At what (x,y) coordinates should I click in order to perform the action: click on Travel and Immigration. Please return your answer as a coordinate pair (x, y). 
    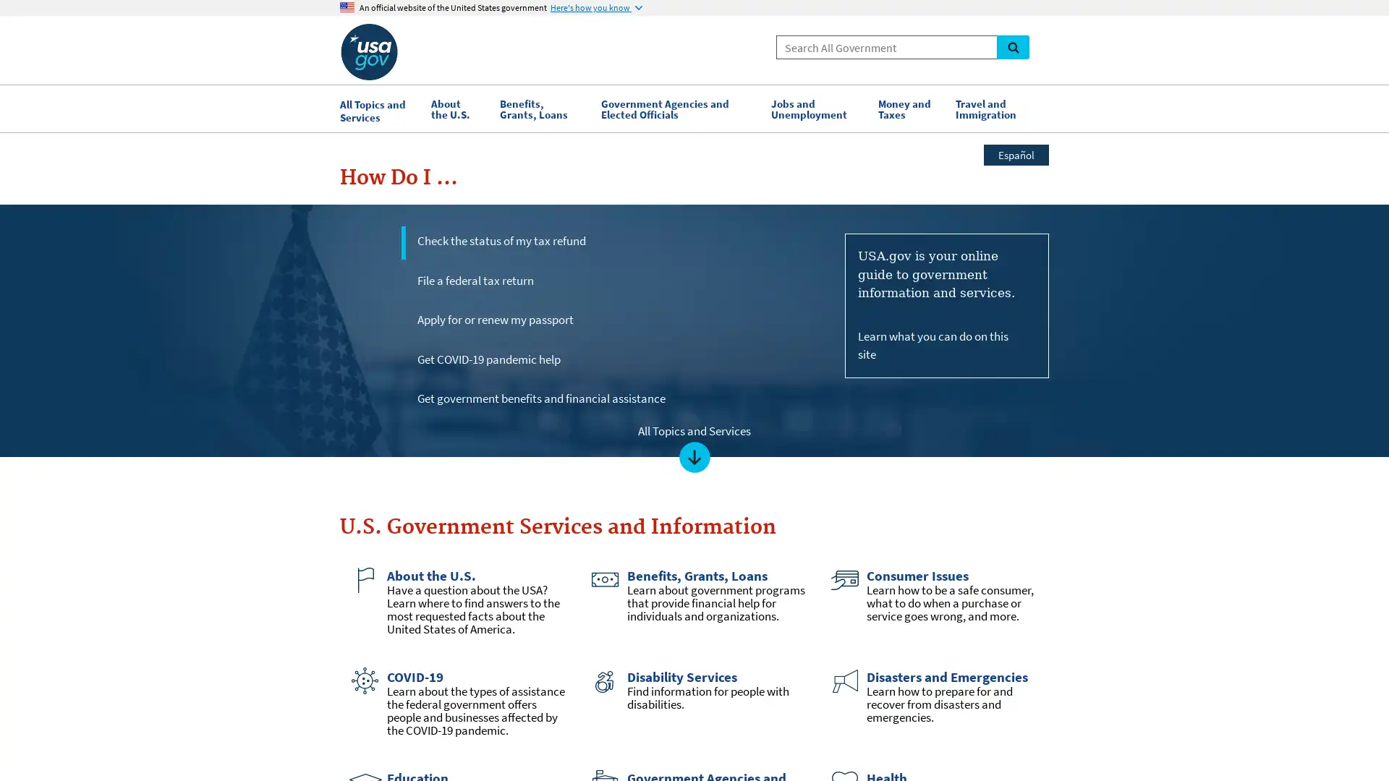
    Looking at the image, I should click on (998, 108).